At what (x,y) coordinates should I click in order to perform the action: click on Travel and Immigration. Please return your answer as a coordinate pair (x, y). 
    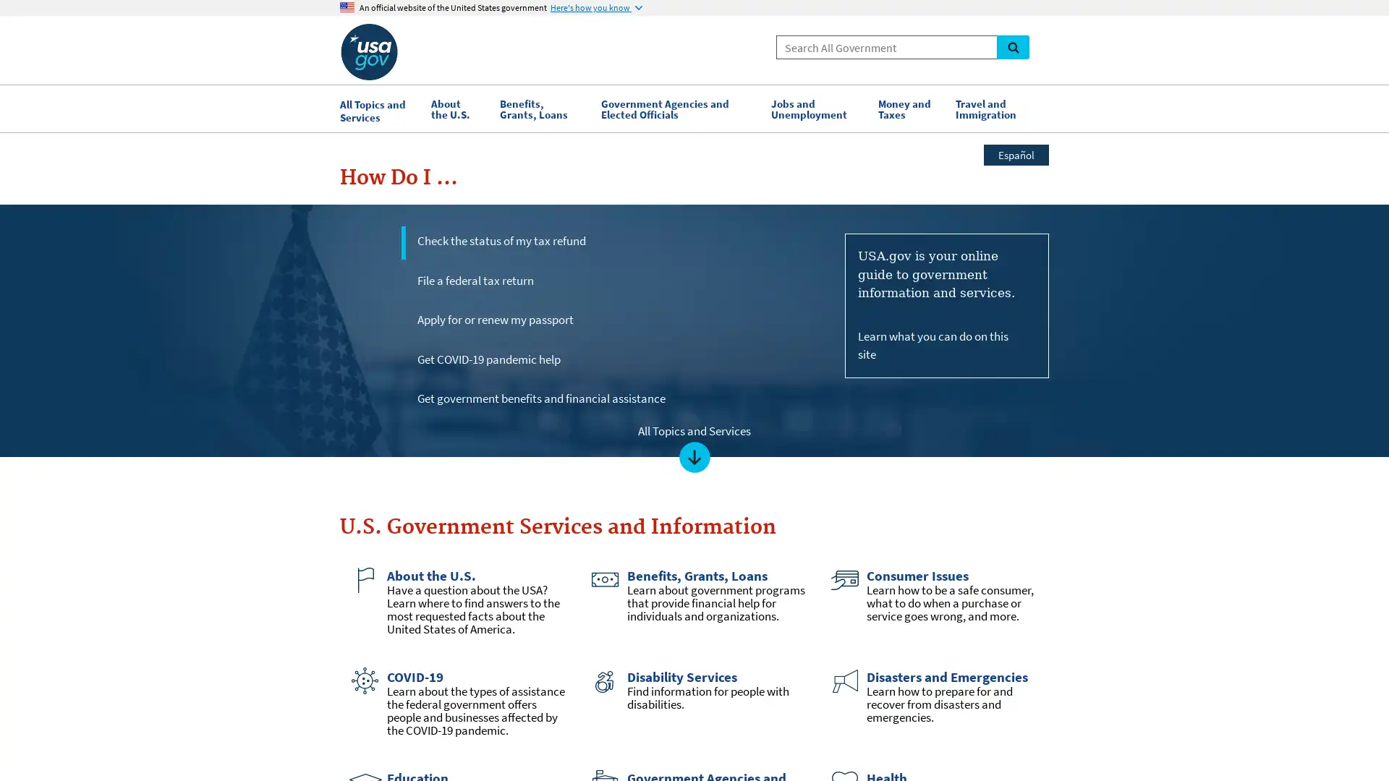
    Looking at the image, I should click on (998, 108).